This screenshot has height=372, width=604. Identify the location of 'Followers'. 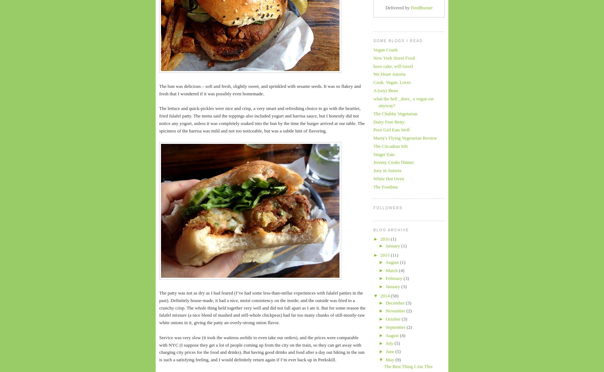
(388, 207).